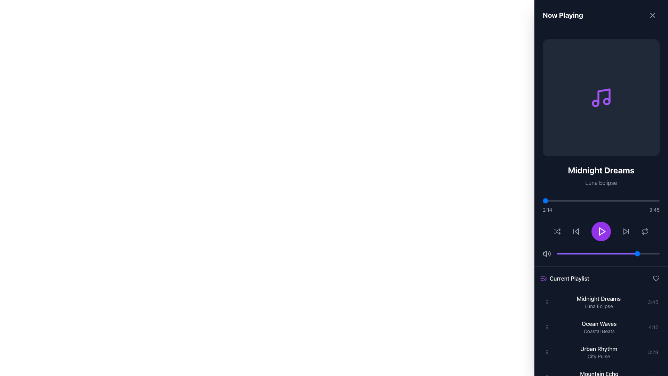 The height and width of the screenshot is (376, 668). I want to click on the vibrant purple circular button with a white triangular play icon to initiate media playback, so click(601, 231).